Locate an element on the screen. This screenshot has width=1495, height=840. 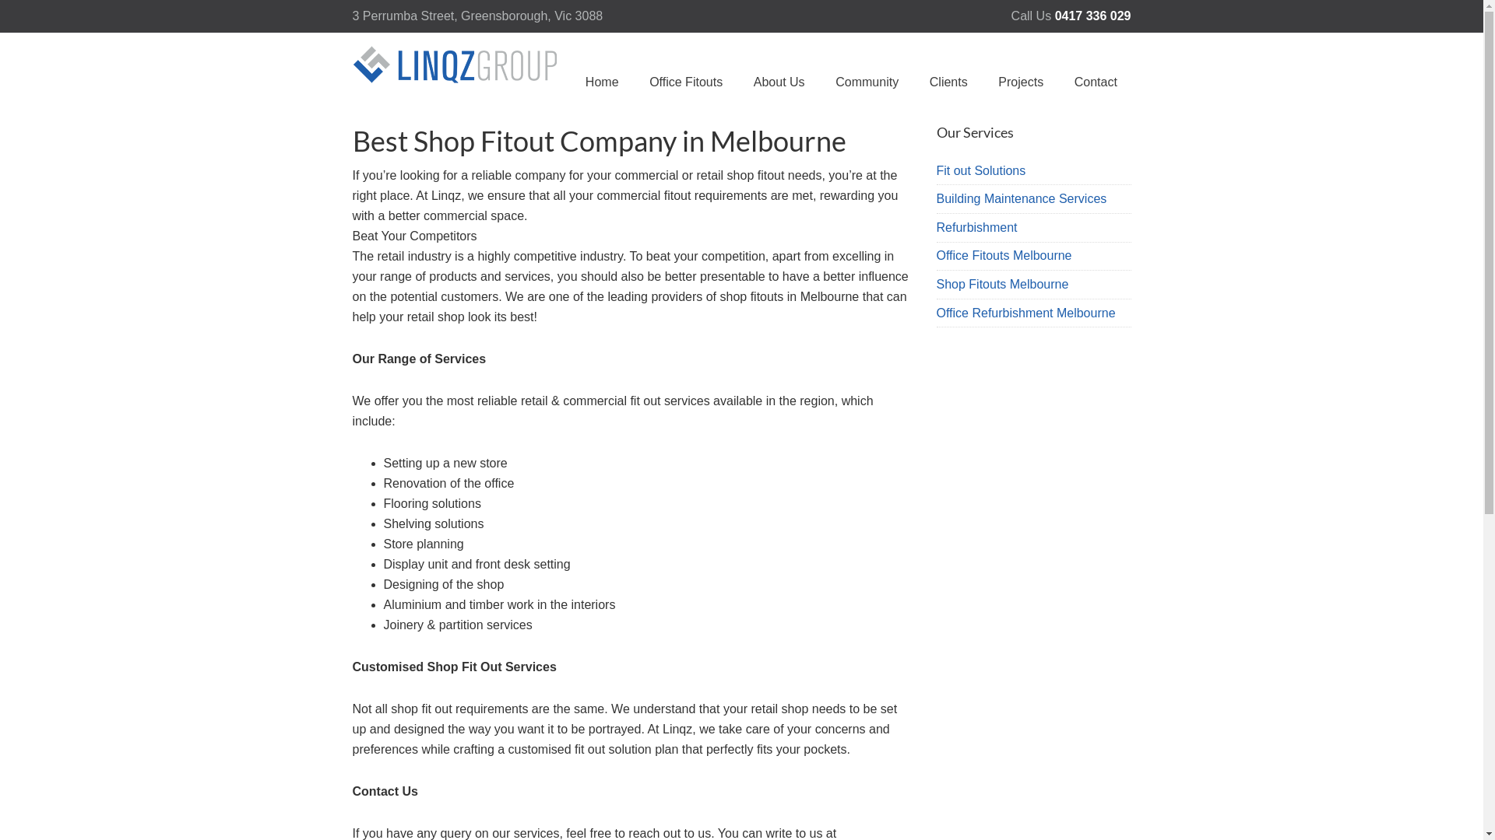
'About Us' is located at coordinates (779, 82).